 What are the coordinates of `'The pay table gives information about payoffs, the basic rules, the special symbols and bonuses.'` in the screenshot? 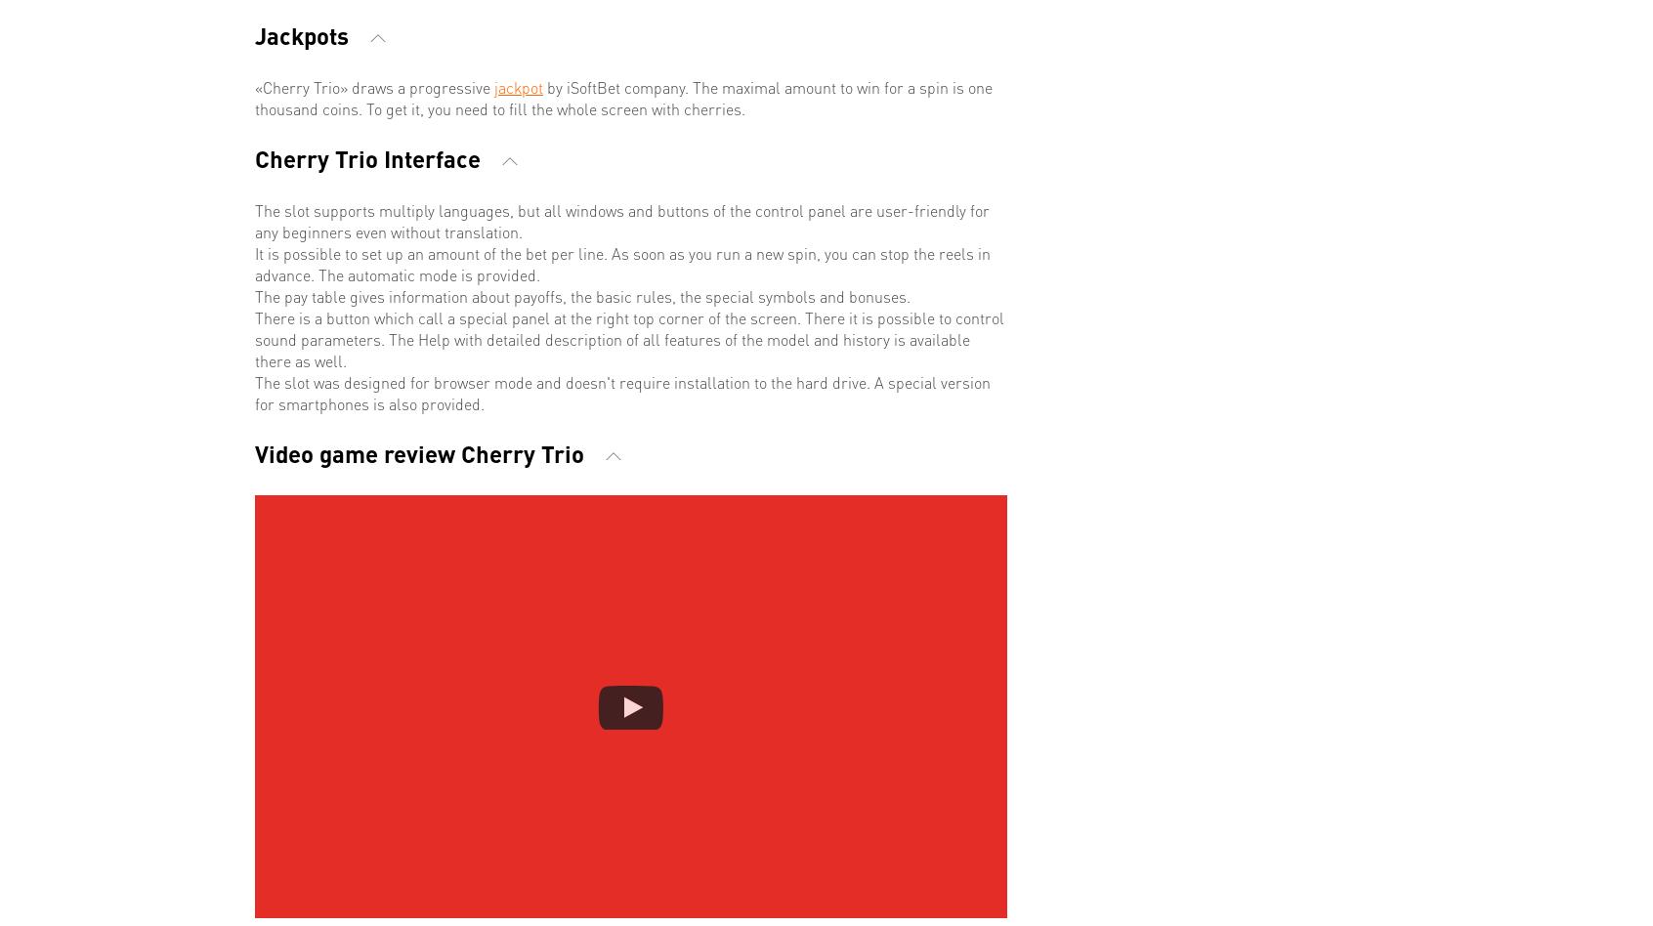 It's located at (581, 295).